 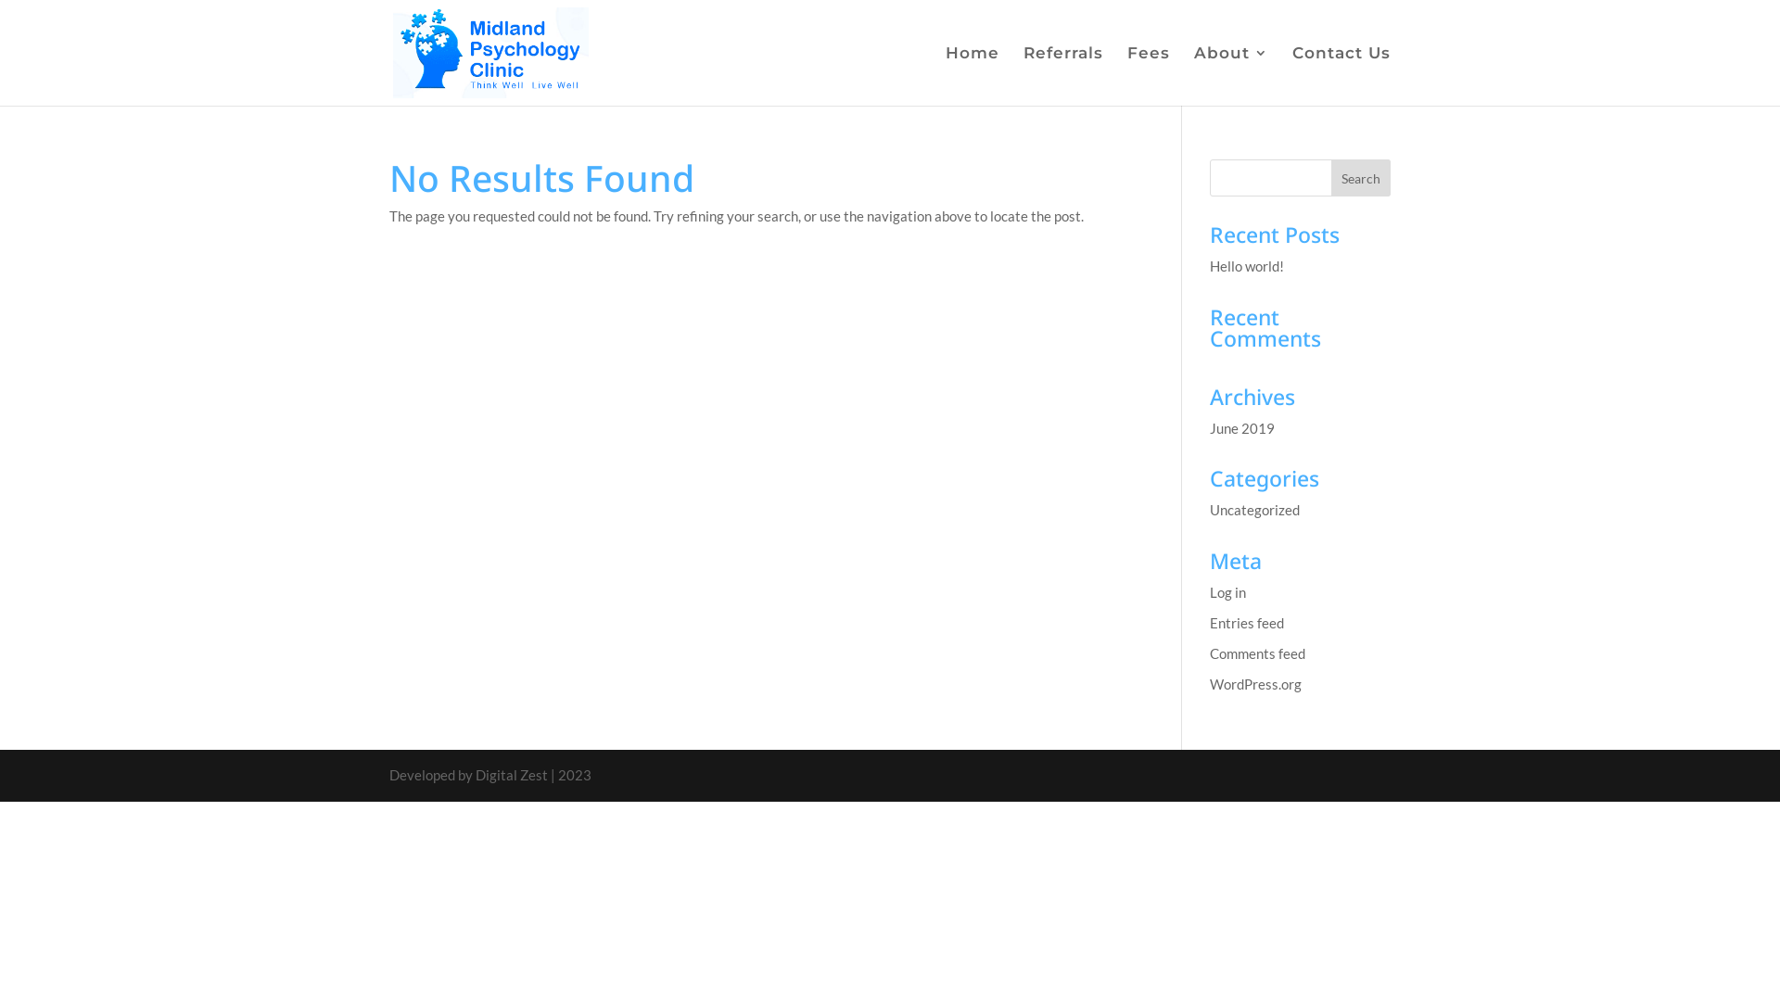 I want to click on 'Uncategorized', so click(x=1254, y=510).